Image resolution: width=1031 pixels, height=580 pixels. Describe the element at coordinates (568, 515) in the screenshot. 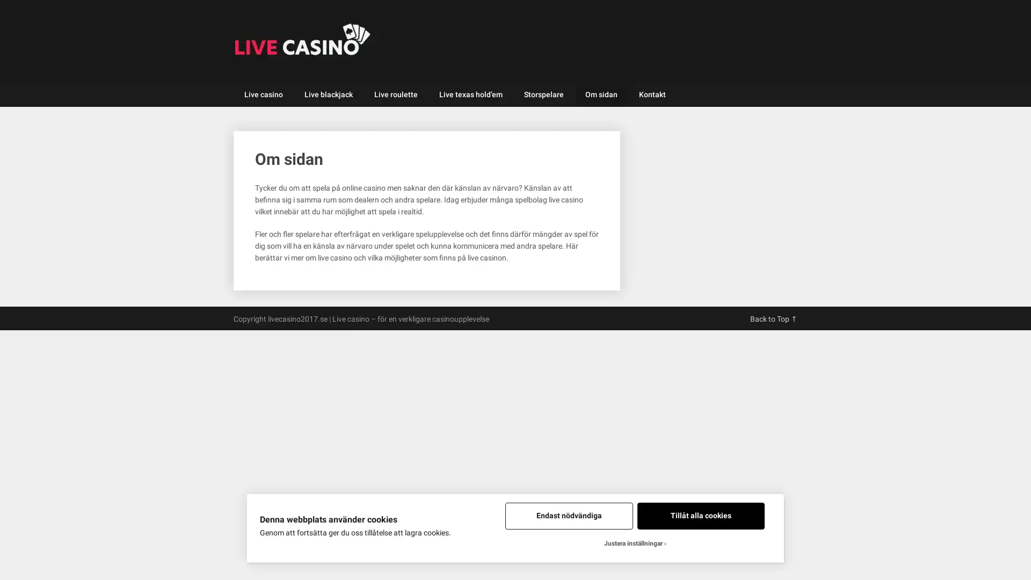

I see `Endast nodvandiga` at that location.